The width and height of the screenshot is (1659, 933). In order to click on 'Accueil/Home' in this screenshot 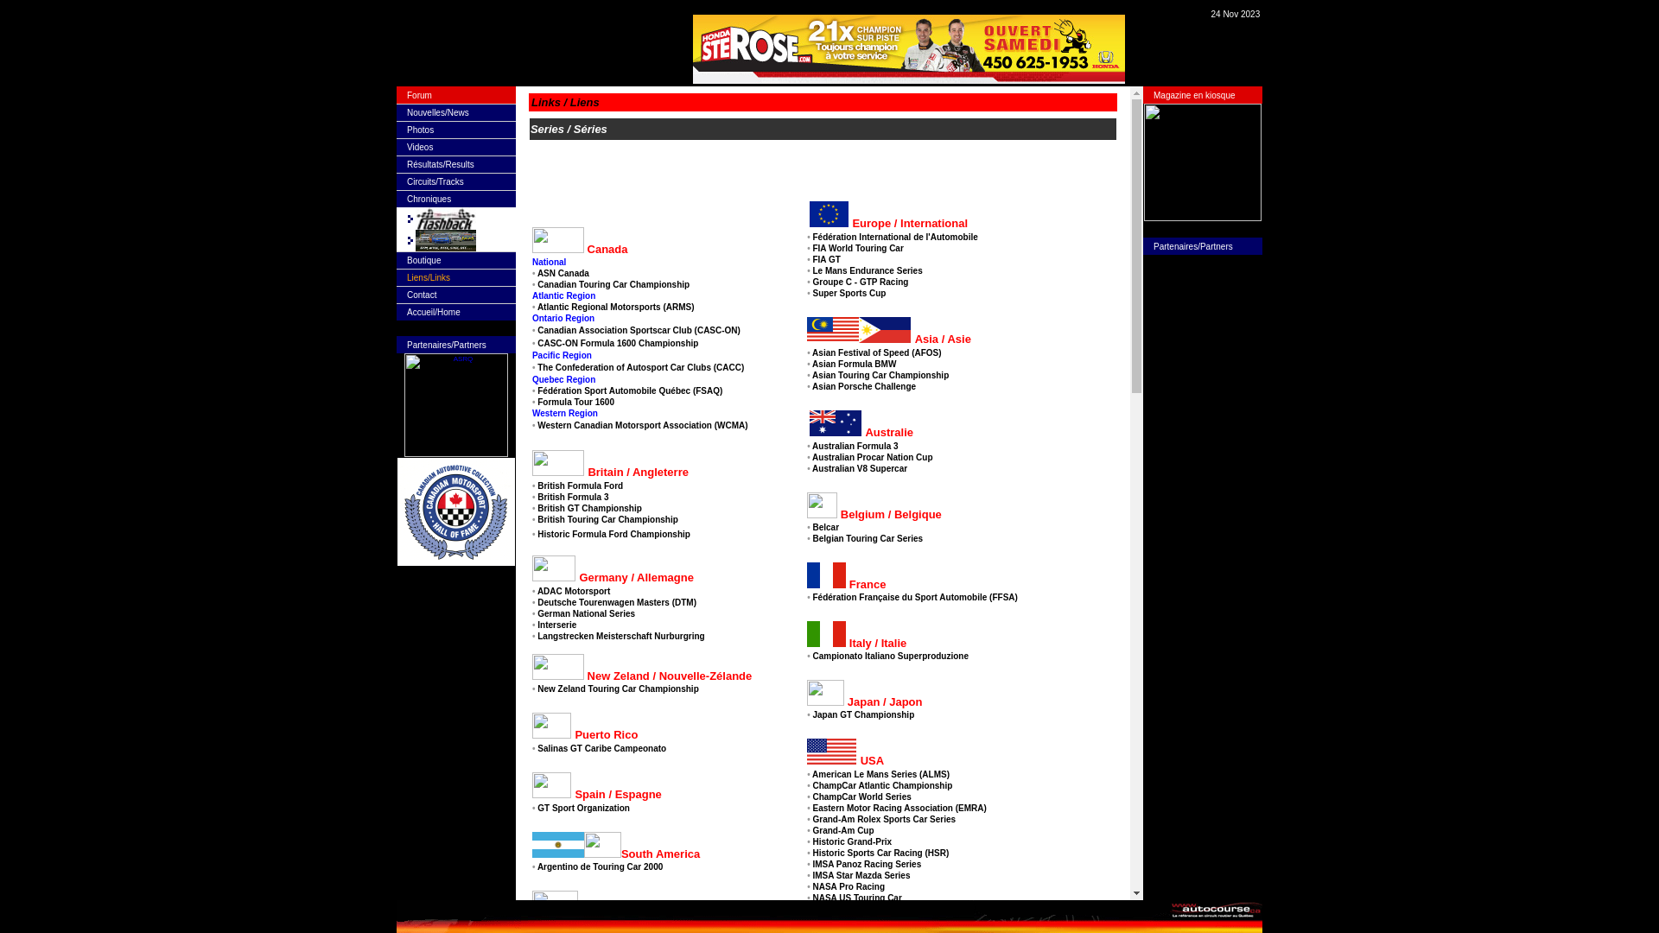, I will do `click(405, 312)`.